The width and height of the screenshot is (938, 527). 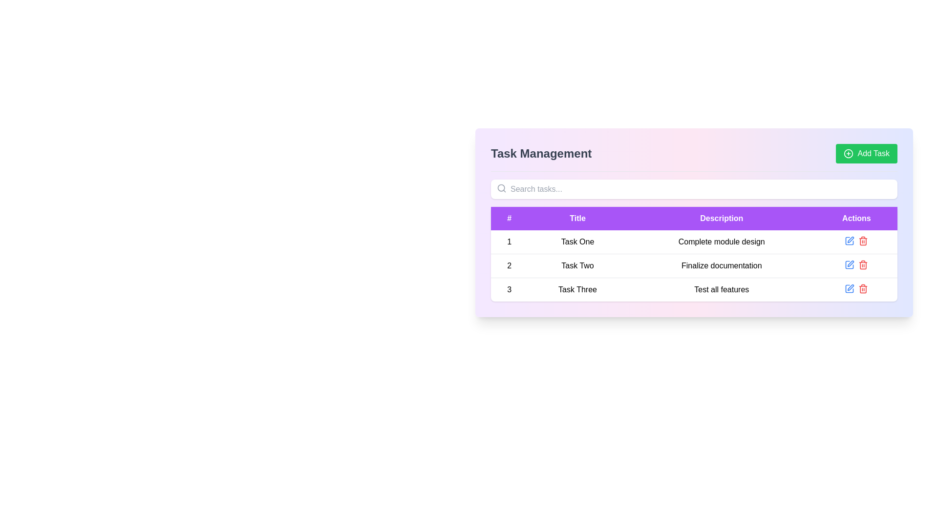 I want to click on the text label displaying the index for 'Task Two', located at the top-left corner of its table row, so click(x=509, y=265).